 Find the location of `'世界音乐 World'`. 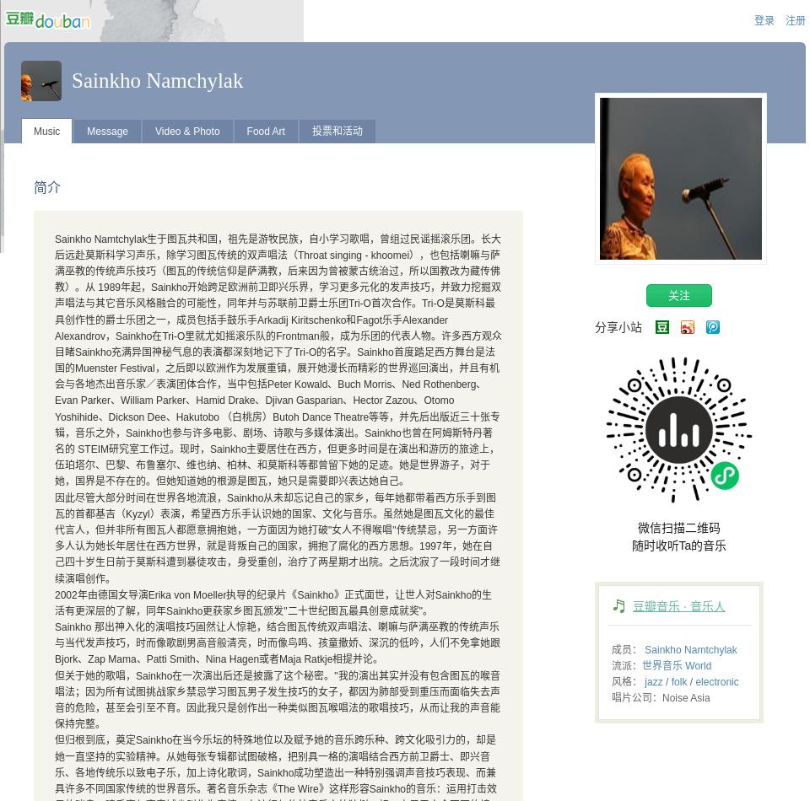

'世界音乐 World' is located at coordinates (676, 664).